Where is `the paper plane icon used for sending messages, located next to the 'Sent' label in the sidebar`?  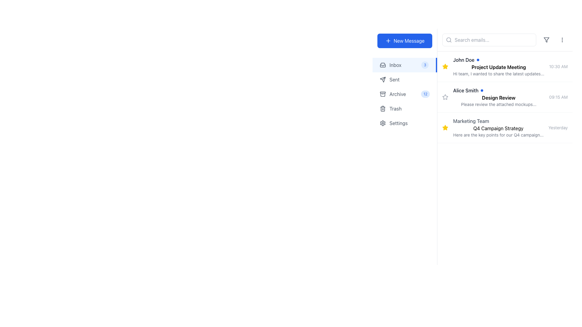
the paper plane icon used for sending messages, located next to the 'Sent' label in the sidebar is located at coordinates (382, 79).